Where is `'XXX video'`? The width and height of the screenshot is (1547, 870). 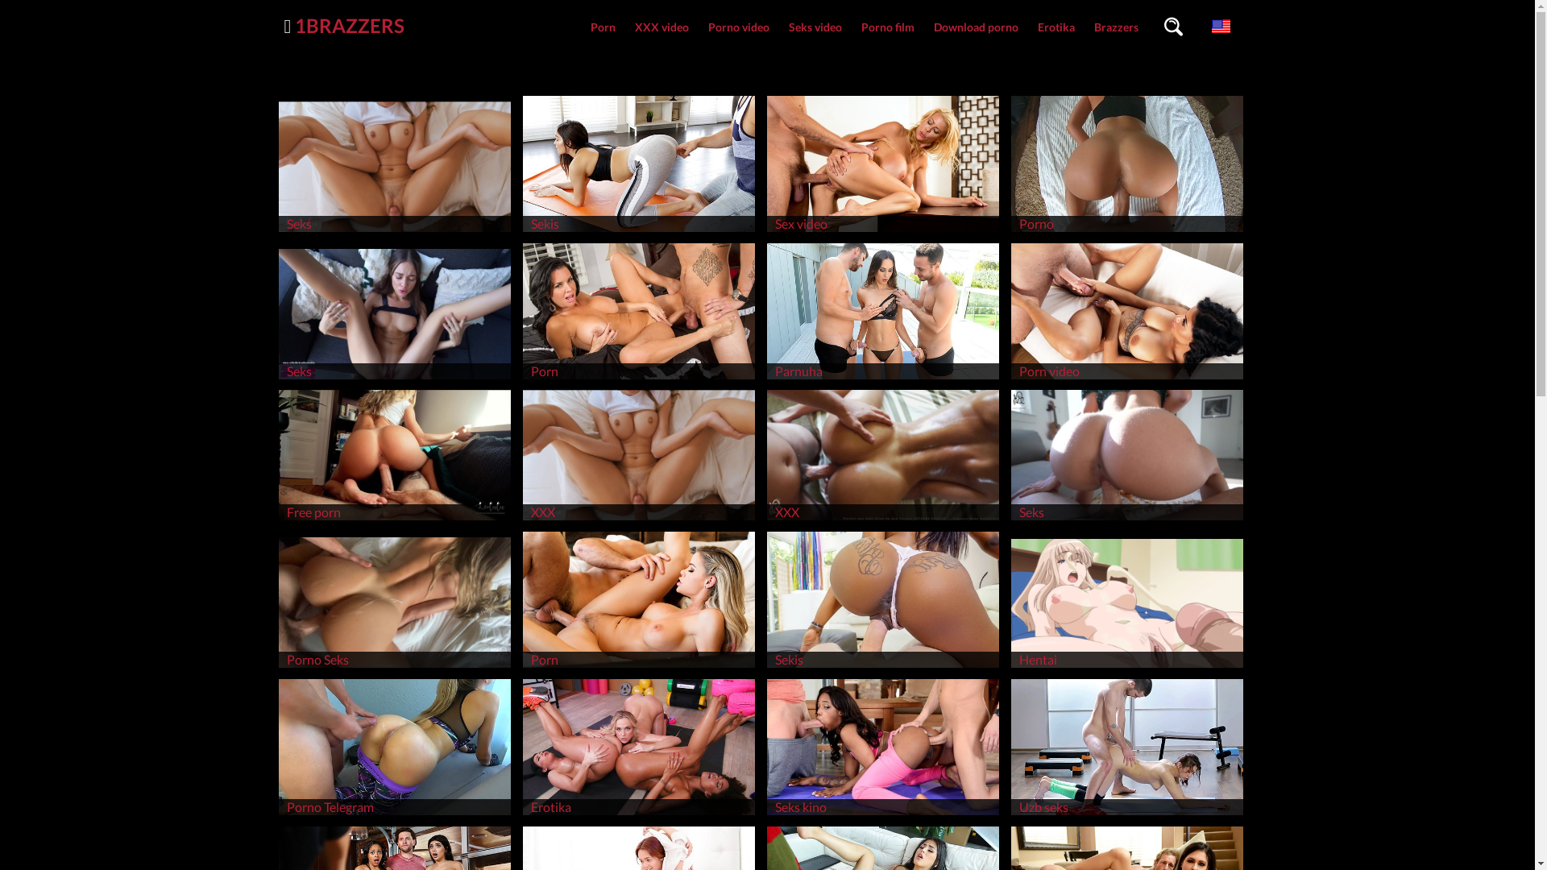
'XXX video' is located at coordinates (662, 27).